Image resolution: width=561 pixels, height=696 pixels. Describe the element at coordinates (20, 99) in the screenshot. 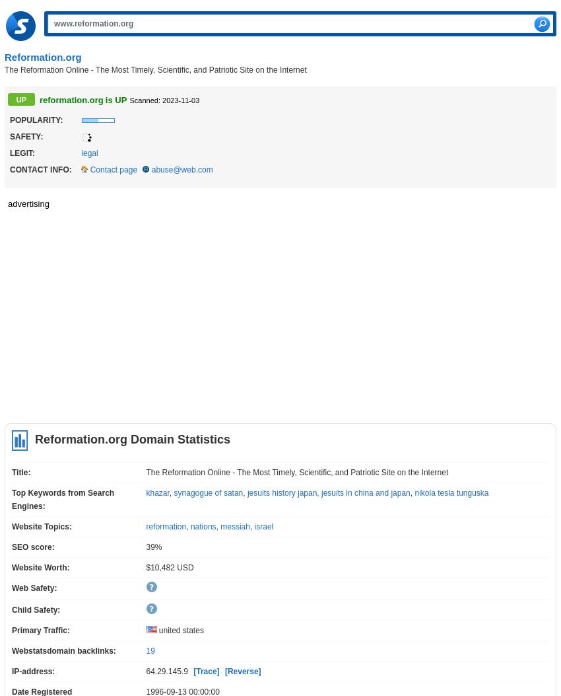

I see `'UP'` at that location.